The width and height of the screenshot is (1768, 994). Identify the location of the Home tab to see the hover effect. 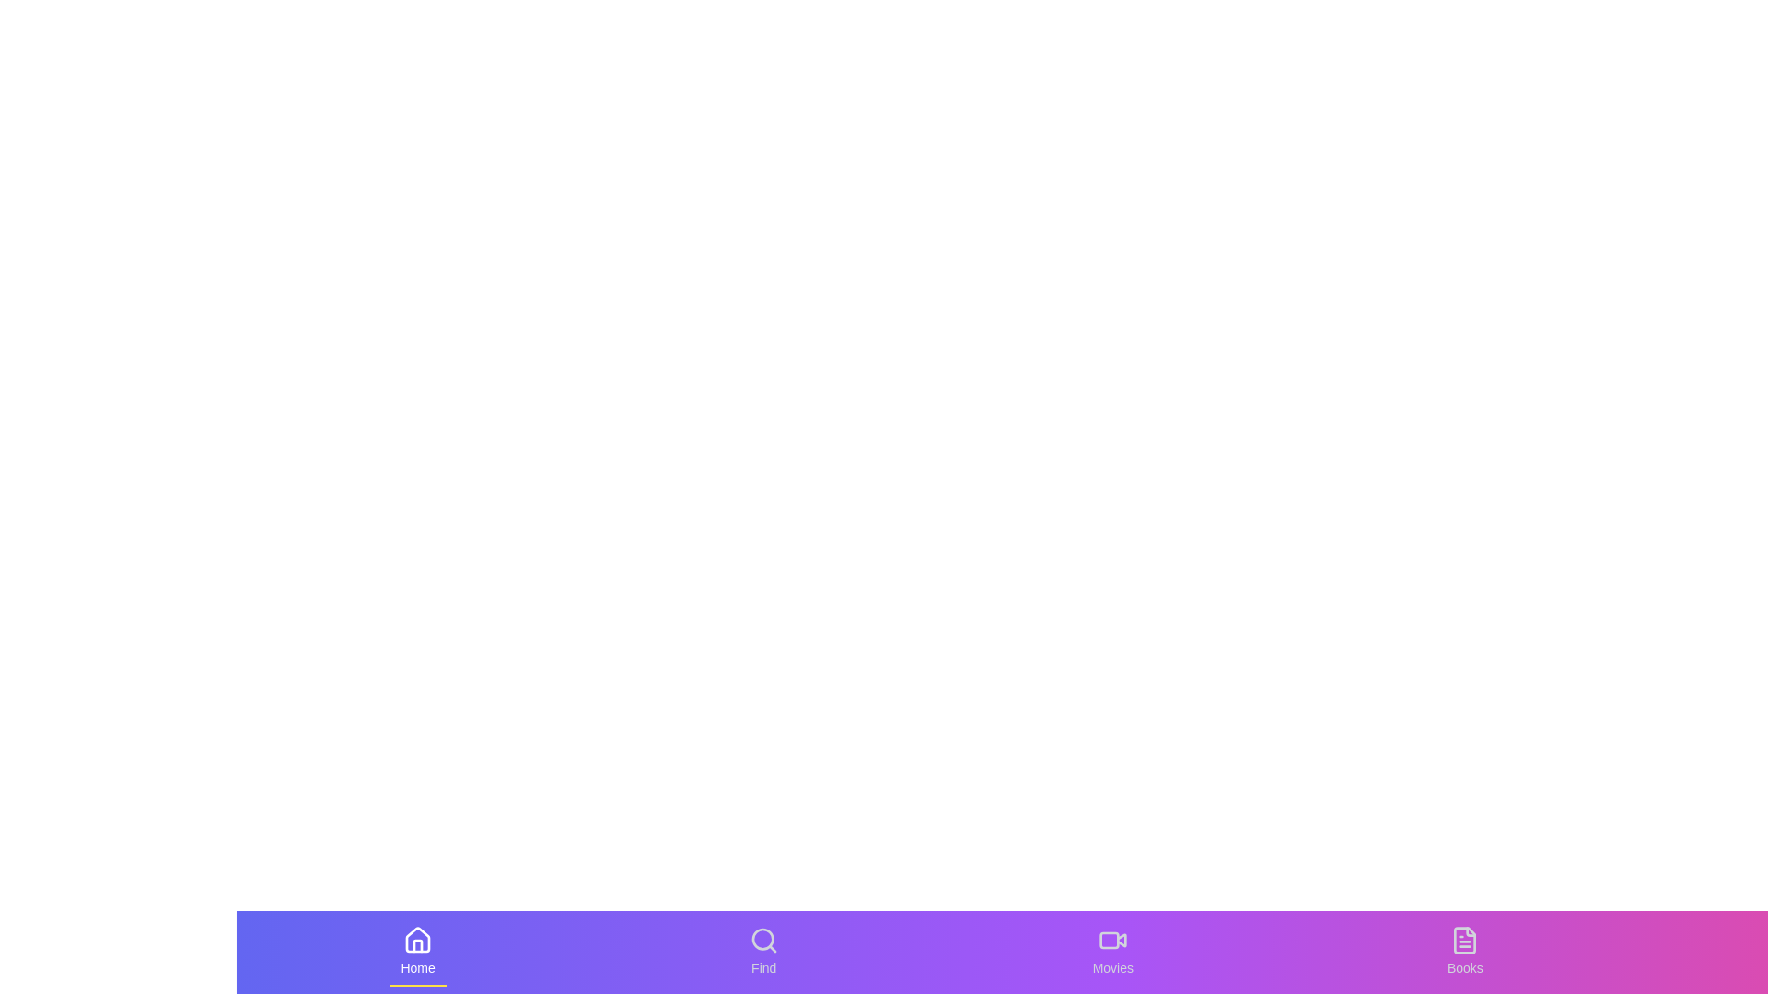
(417, 952).